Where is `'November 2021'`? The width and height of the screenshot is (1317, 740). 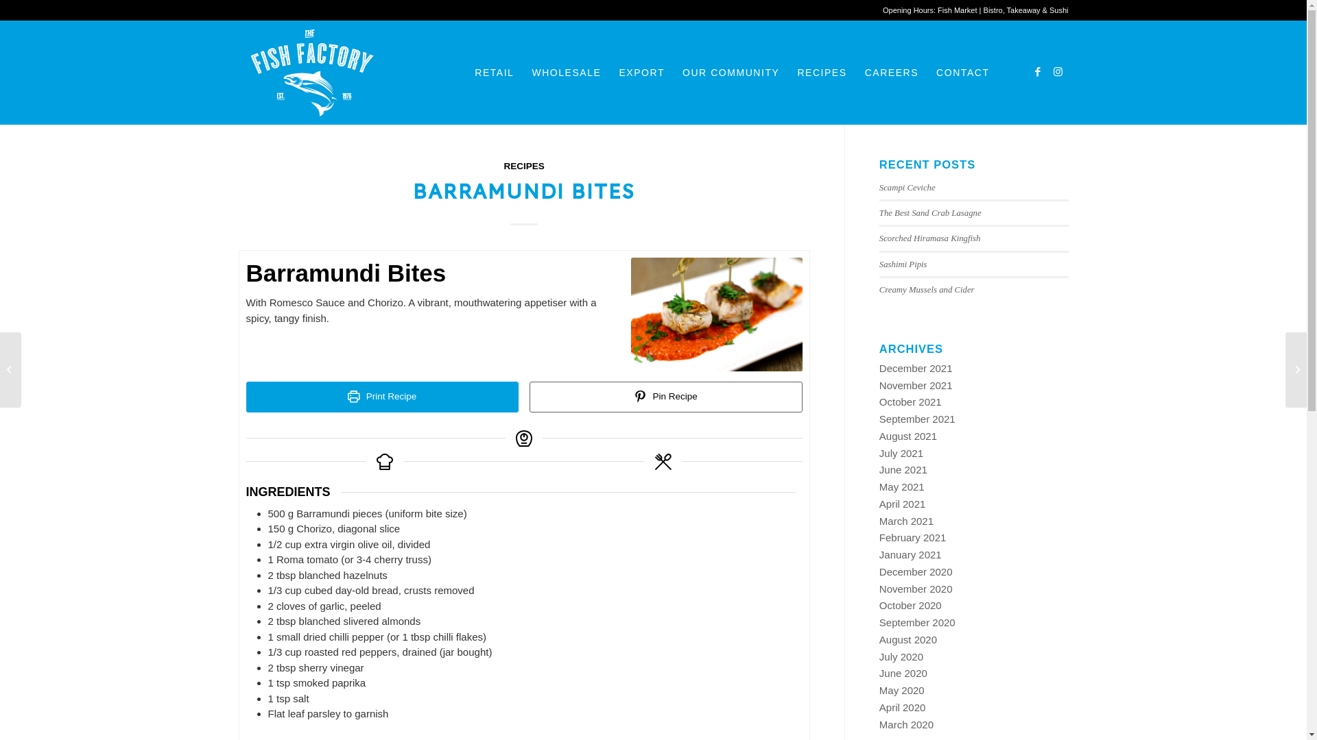 'November 2021' is located at coordinates (916, 385).